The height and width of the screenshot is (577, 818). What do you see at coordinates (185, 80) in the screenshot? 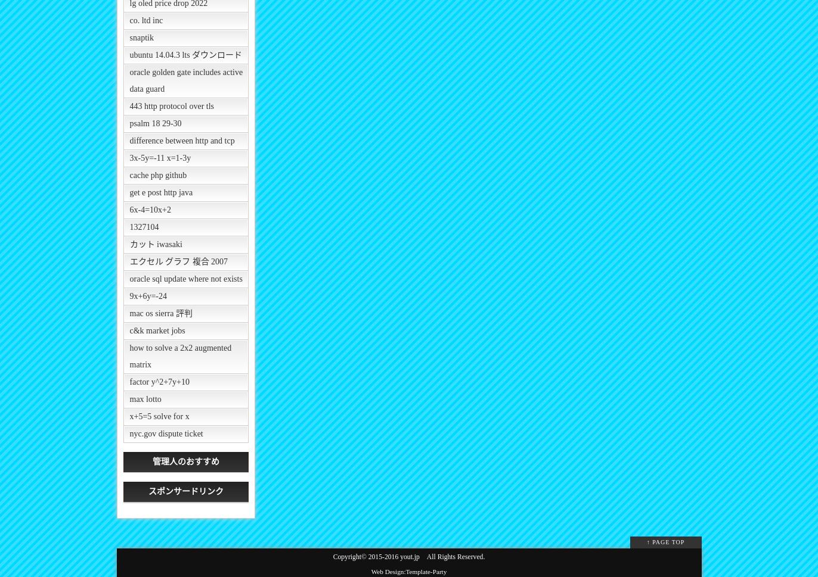
I see `'oracle golden gate includes active data guard'` at bounding box center [185, 80].